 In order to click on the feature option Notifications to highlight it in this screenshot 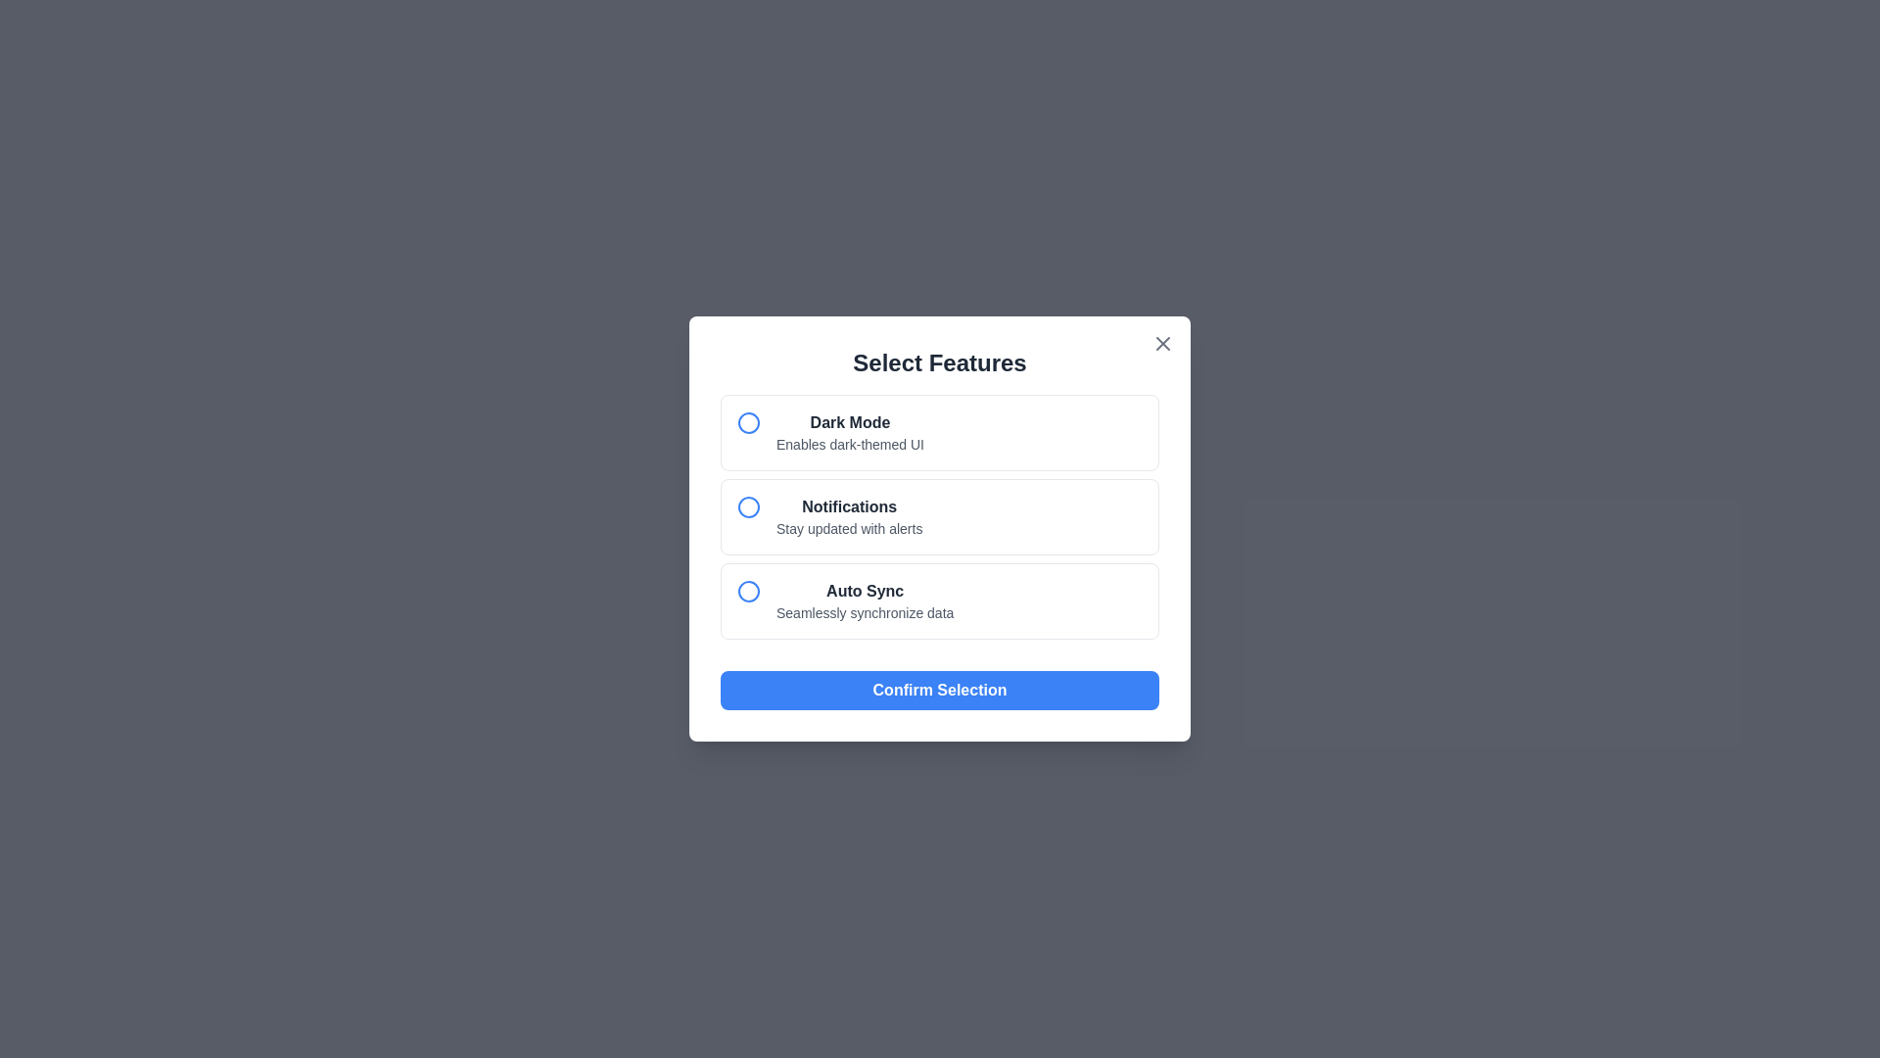, I will do `click(940, 516)`.